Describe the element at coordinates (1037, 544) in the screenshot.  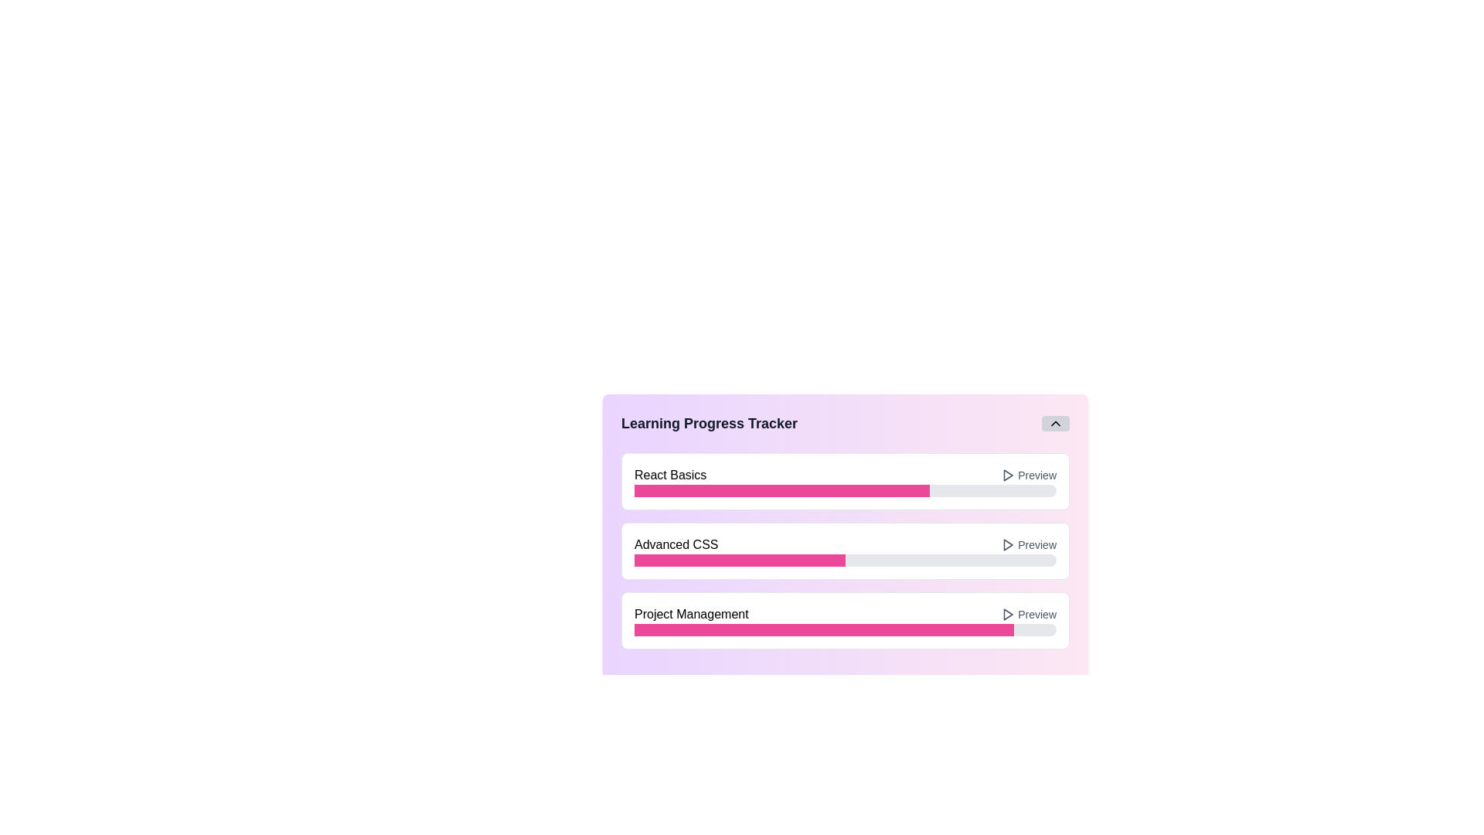
I see `the 'Preview' text label, which is gray and aligned to the right of the horizontal progress bar in the second row of the progress tracker` at that location.